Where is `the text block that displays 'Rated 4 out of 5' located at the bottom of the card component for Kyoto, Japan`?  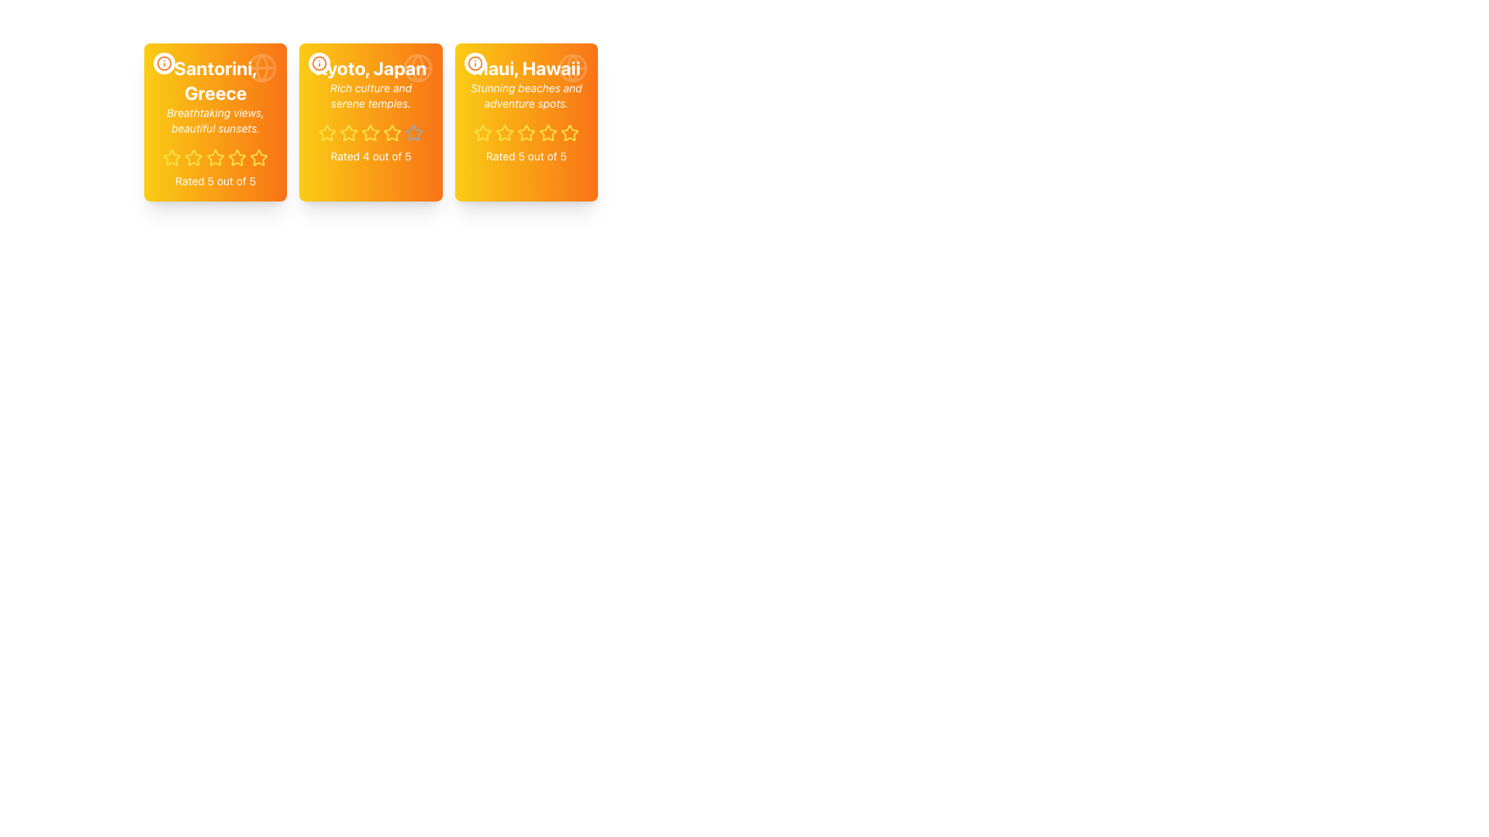 the text block that displays 'Rated 4 out of 5' located at the bottom of the card component for Kyoto, Japan is located at coordinates (370, 156).